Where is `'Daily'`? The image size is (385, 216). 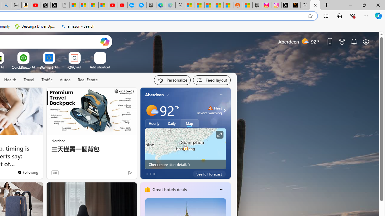
'Daily' is located at coordinates (171, 123).